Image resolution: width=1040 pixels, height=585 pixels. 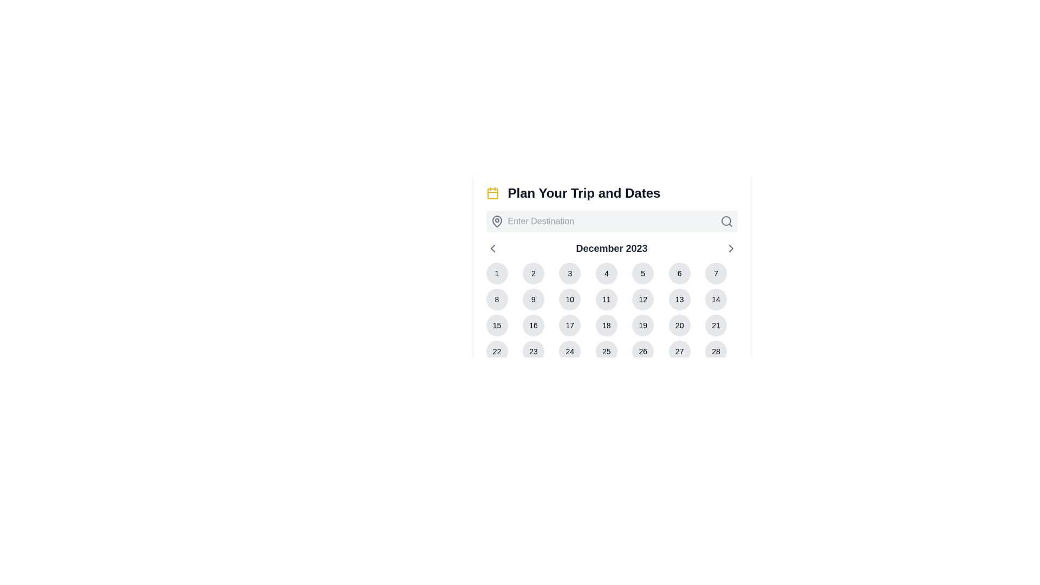 I want to click on the circular button with a light gray background and the number '17' in black text located in the calendar grid under the 'December 2023' heading, positioned in the third row and third column, so click(x=569, y=325).